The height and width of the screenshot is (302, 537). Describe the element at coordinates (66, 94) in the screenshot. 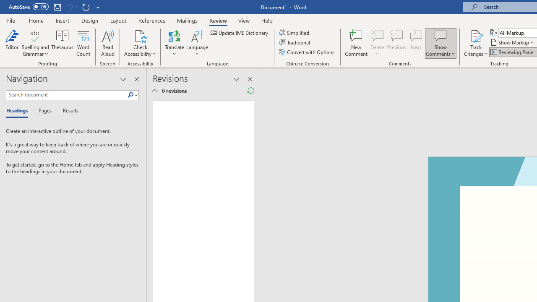

I see `'Search document'` at that location.